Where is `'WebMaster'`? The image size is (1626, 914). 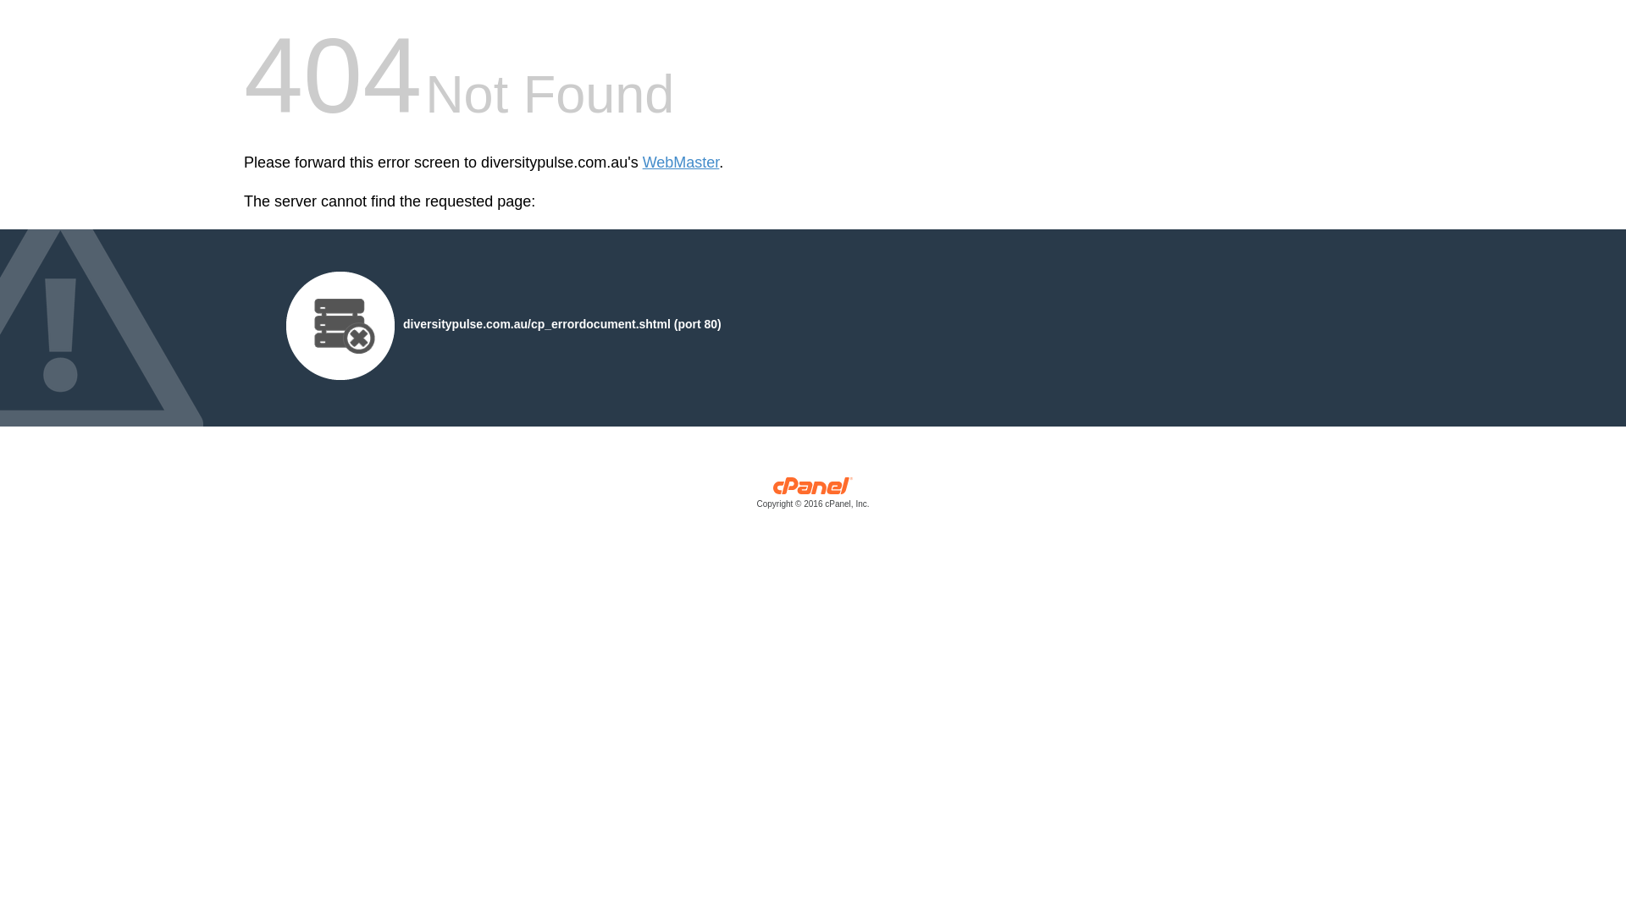 'WebMaster' is located at coordinates (681, 162).